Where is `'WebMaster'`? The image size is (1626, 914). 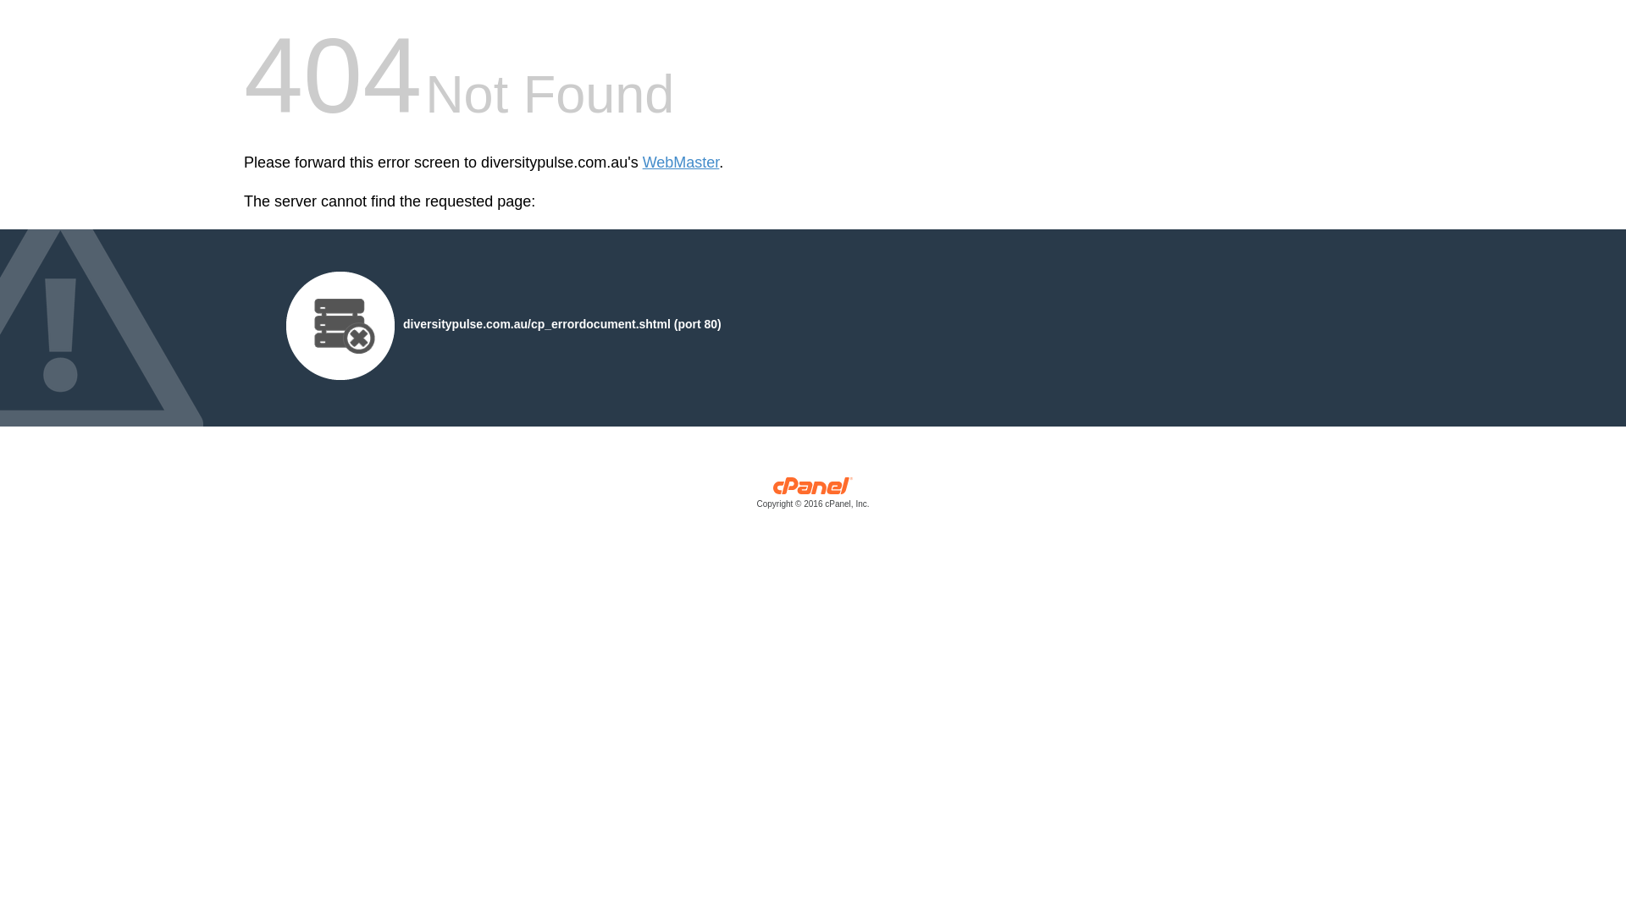 'WebMaster' is located at coordinates (681, 162).